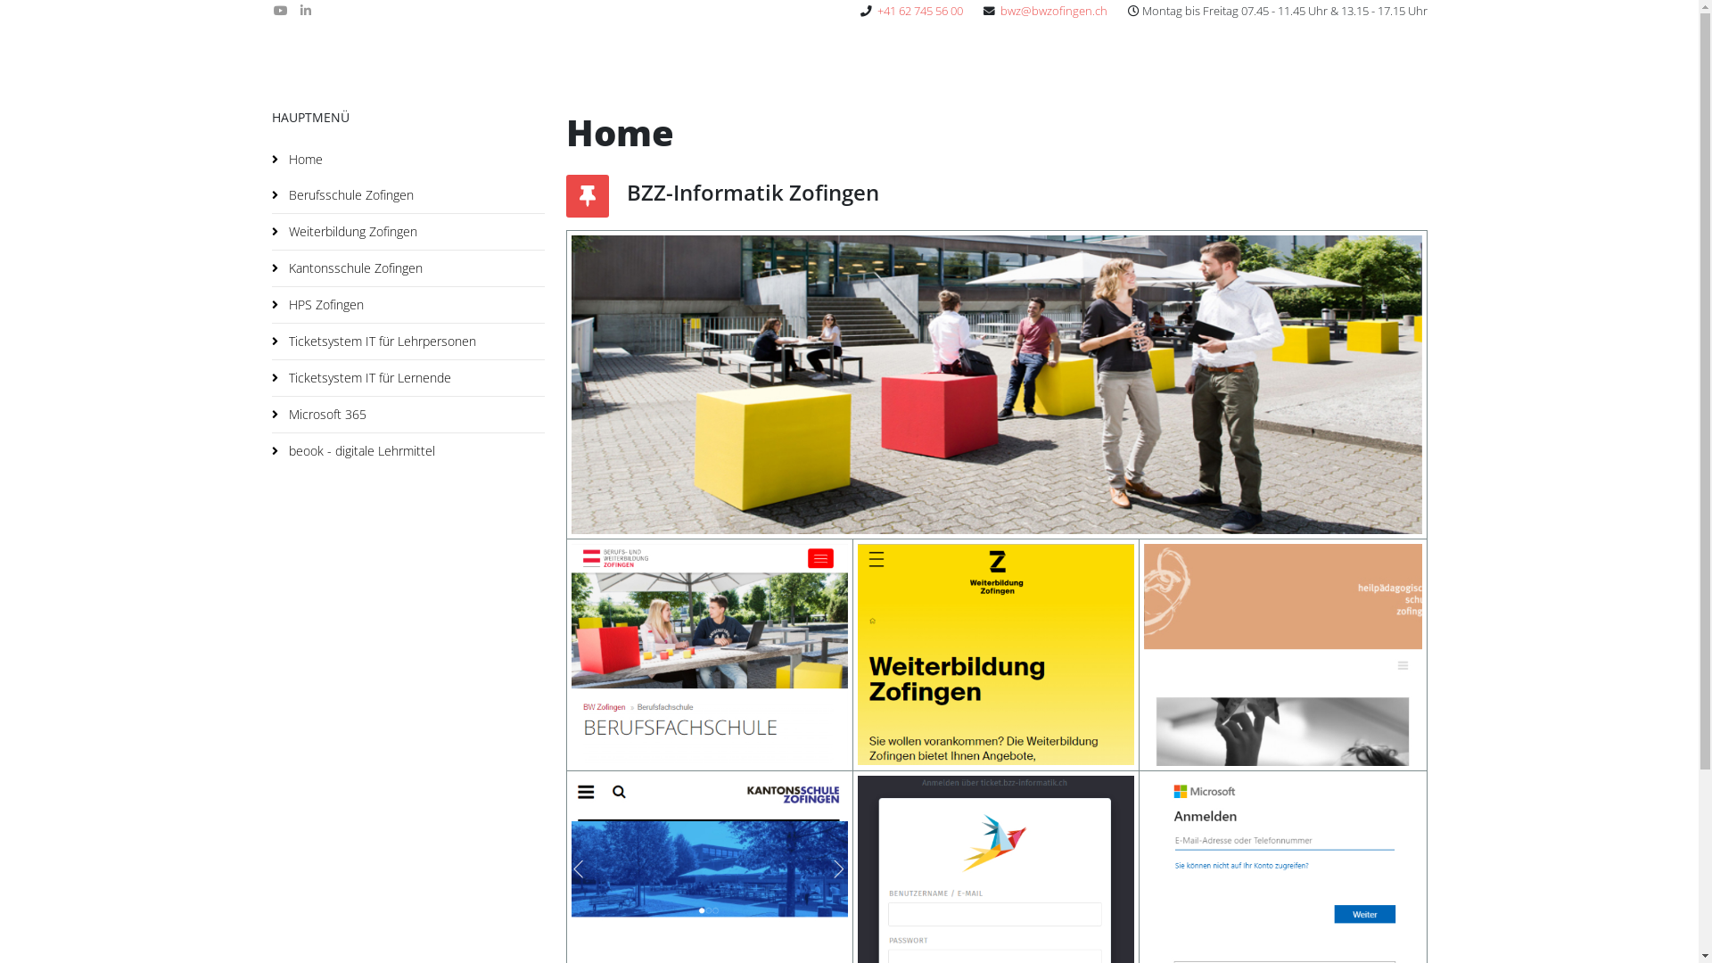  Describe the element at coordinates (406, 158) in the screenshot. I see `'Home'` at that location.